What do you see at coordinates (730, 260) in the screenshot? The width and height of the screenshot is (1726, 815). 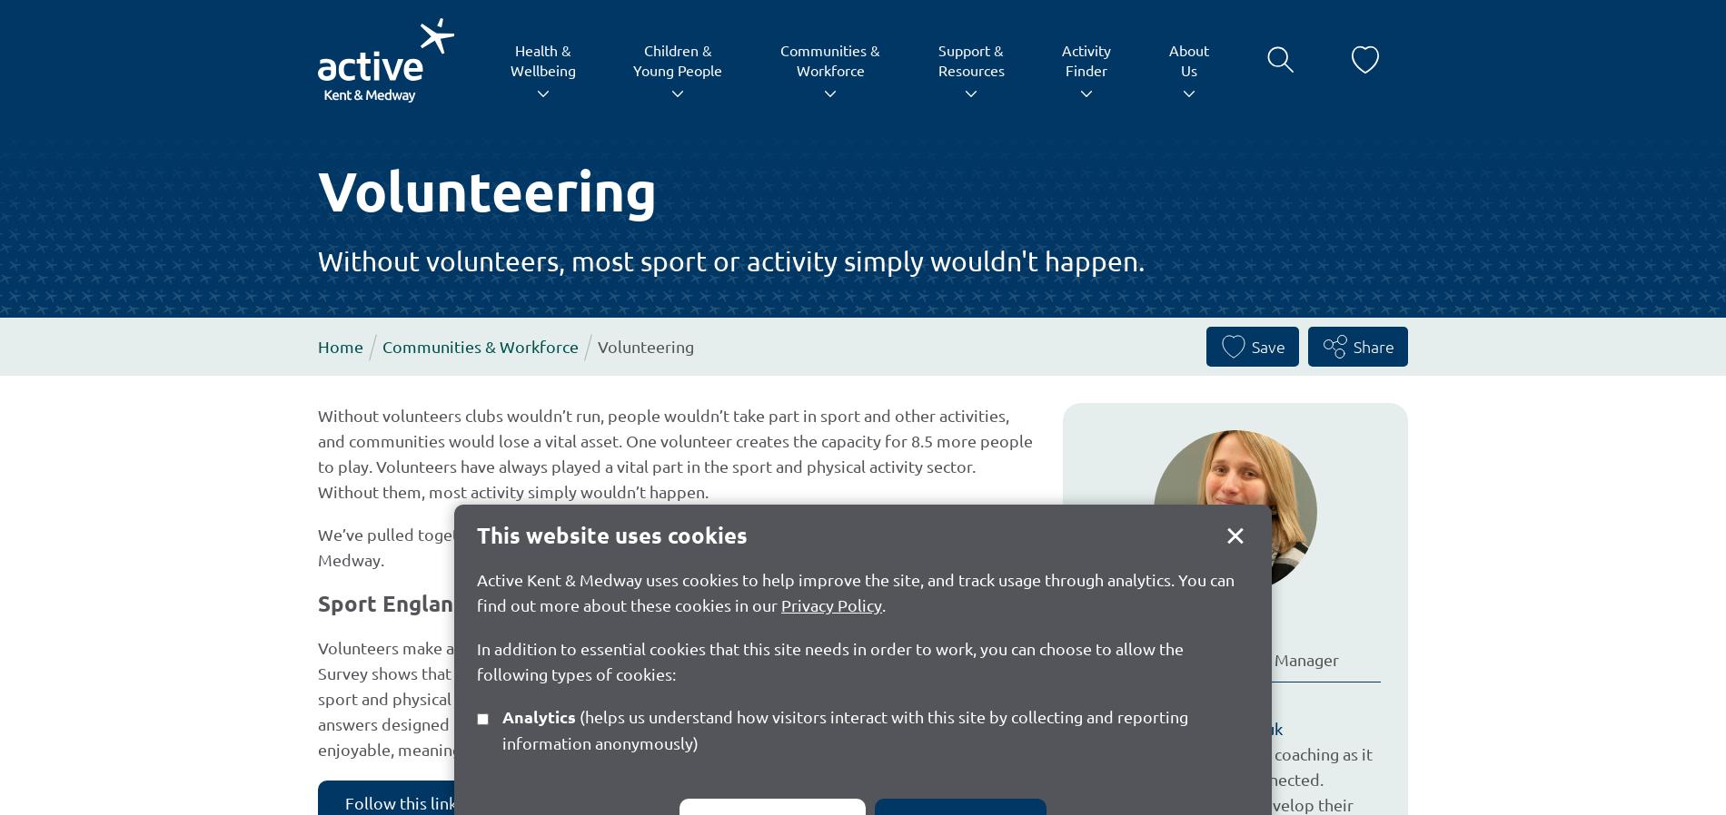 I see `'Without volunteers, most sport or activity simply wouldn't happen.'` at bounding box center [730, 260].